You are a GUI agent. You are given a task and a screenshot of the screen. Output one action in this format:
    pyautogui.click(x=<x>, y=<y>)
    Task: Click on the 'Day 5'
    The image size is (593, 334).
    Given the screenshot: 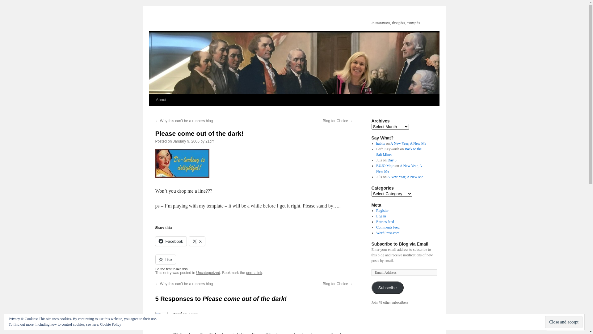 What is the action you would take?
    pyautogui.click(x=392, y=160)
    